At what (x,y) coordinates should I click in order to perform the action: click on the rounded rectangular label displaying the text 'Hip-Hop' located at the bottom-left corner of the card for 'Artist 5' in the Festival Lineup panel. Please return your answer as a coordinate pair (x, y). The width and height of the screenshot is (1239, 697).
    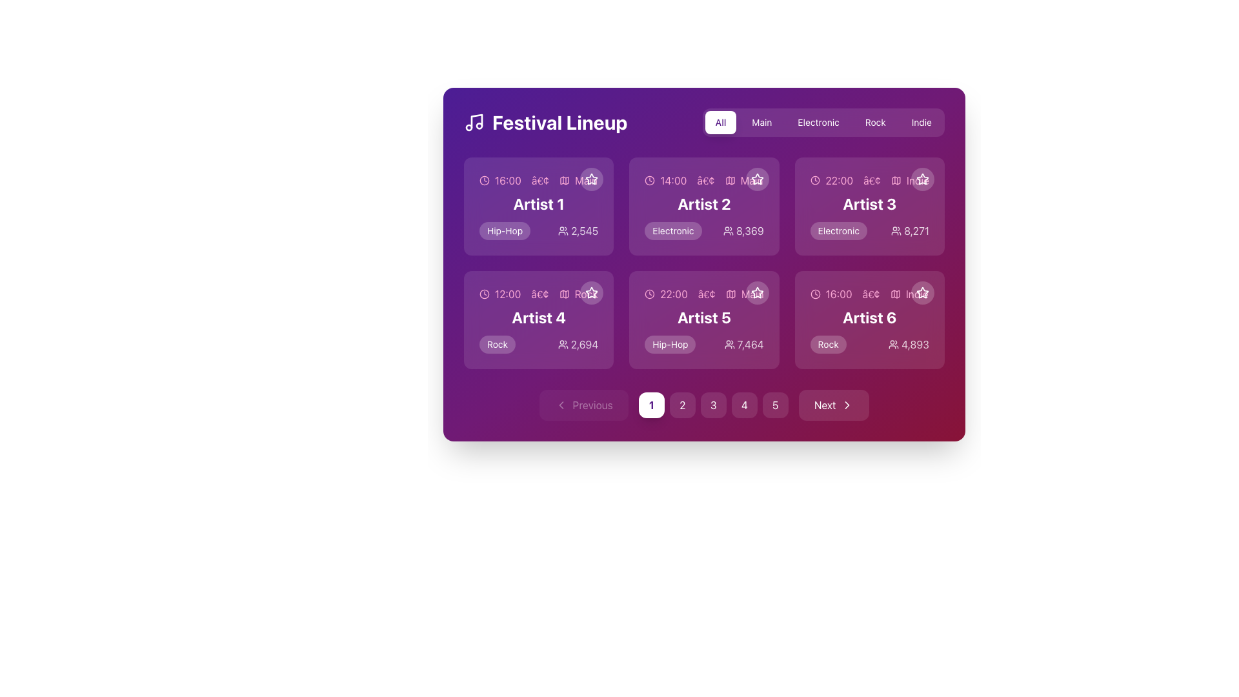
    Looking at the image, I should click on (670, 343).